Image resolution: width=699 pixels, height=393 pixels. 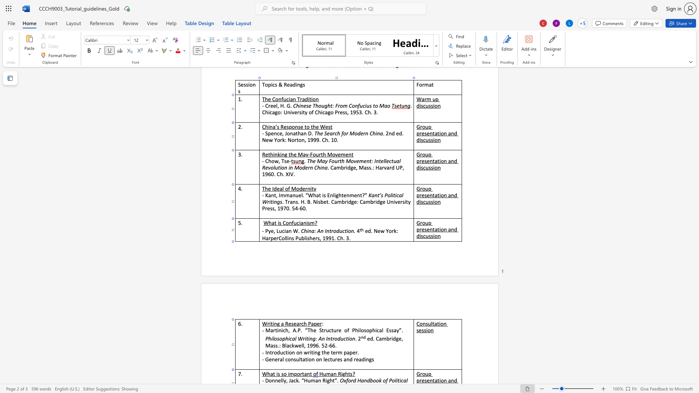 What do you see at coordinates (318, 380) in the screenshot?
I see `the space between the continuous character "a" and "n" in the text` at bounding box center [318, 380].